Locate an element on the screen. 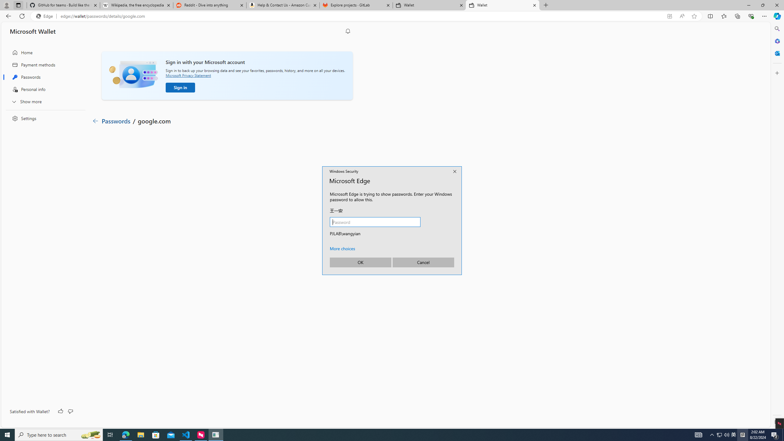 Image resolution: width=784 pixels, height=441 pixels. 'Search highlights icon opens search home window' is located at coordinates (90, 434).